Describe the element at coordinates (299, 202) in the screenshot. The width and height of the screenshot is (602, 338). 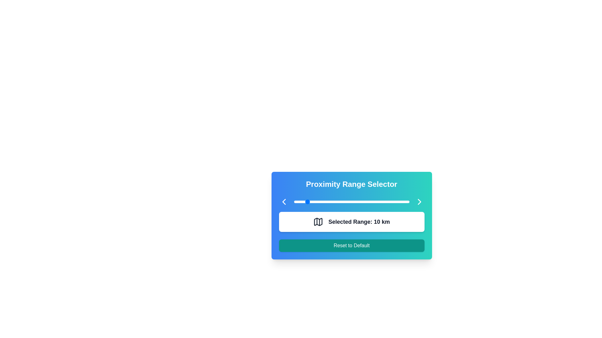
I see `proximity range` at that location.